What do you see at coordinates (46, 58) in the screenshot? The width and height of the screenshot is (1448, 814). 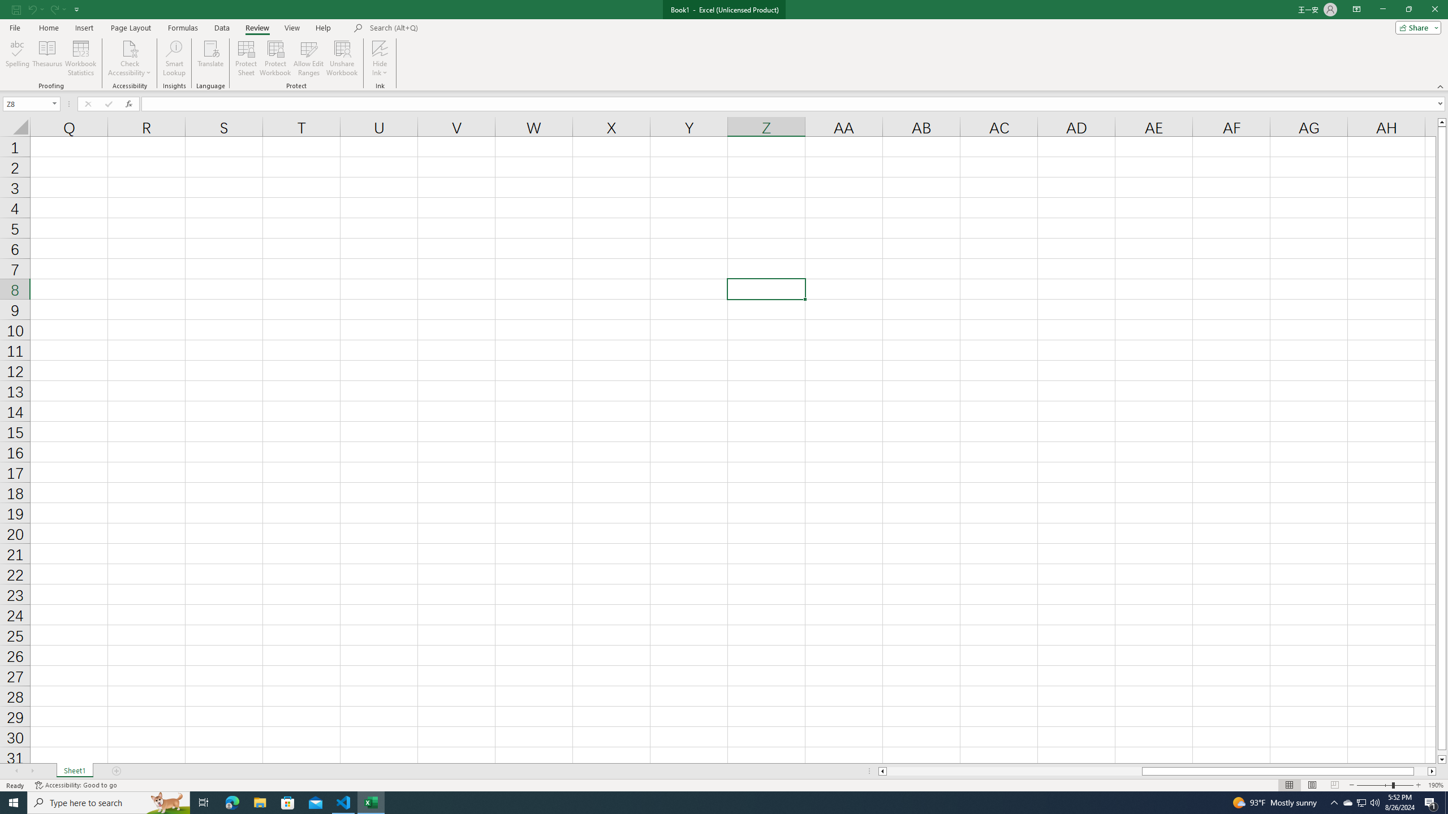 I see `'Thesaurus...'` at bounding box center [46, 58].